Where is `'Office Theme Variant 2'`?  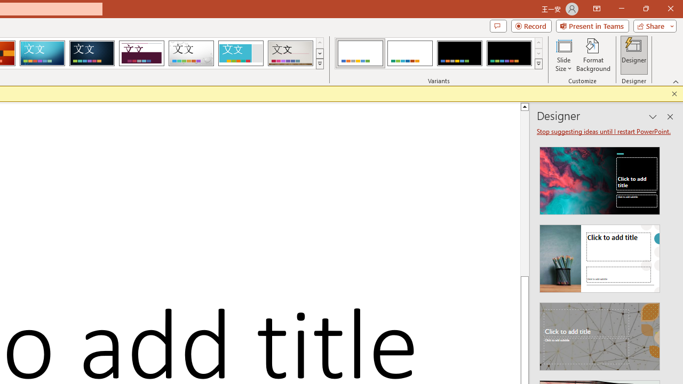
'Office Theme Variant 2' is located at coordinates (409, 53).